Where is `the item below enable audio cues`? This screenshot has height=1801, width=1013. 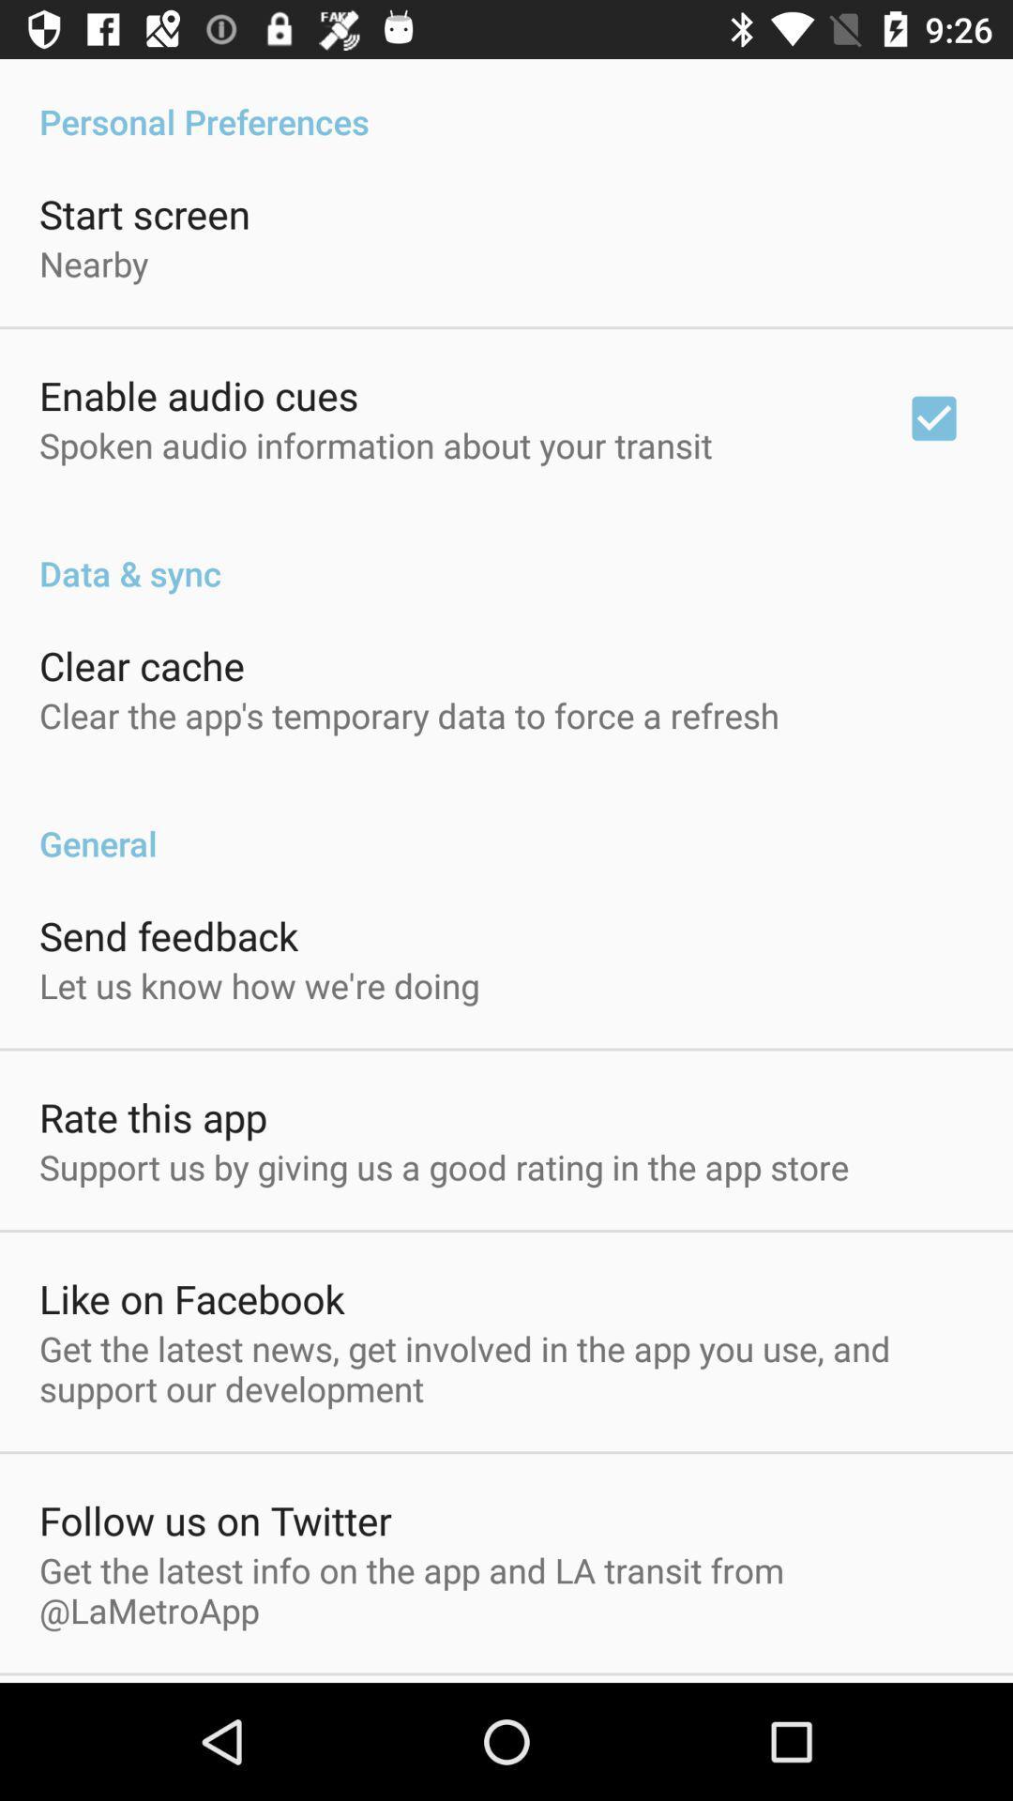 the item below enable audio cues is located at coordinates (375, 444).